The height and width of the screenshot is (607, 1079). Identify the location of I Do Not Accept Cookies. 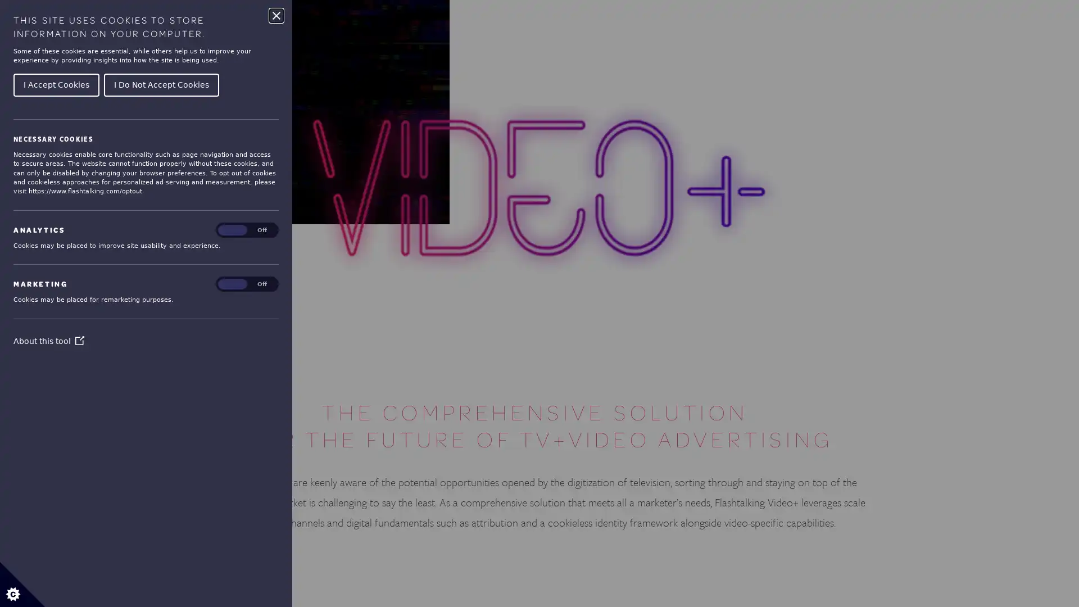
(161, 84).